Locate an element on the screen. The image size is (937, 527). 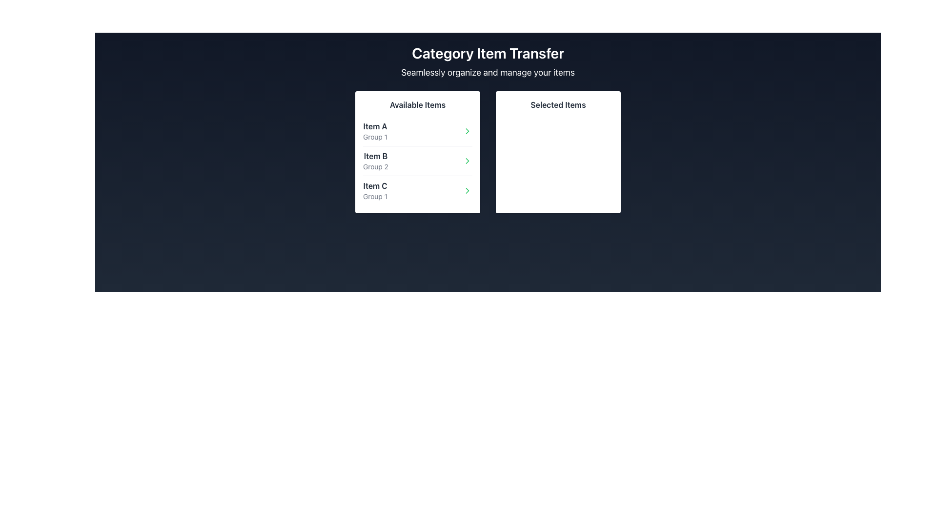
the first list item 'Item A' in the 'Available Items' section for interaction is located at coordinates (374, 131).